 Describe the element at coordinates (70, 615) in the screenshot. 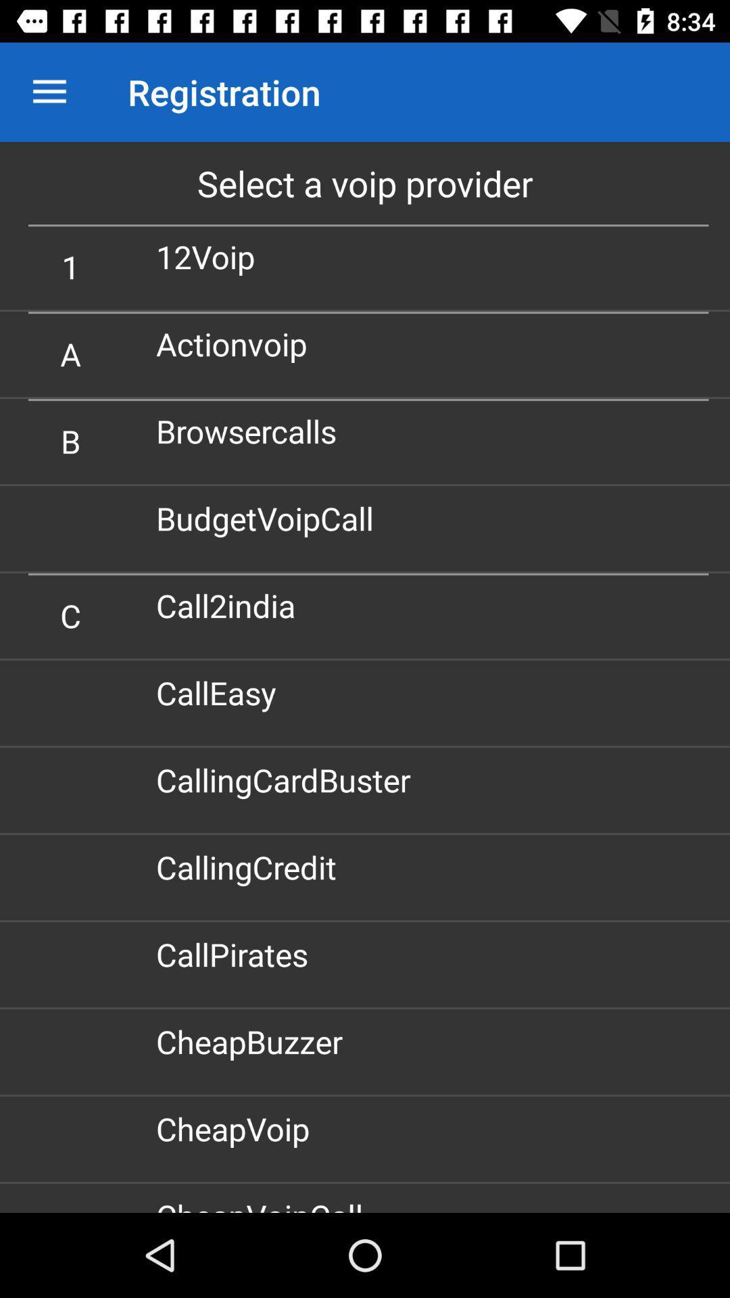

I see `icon next to the call2india item` at that location.